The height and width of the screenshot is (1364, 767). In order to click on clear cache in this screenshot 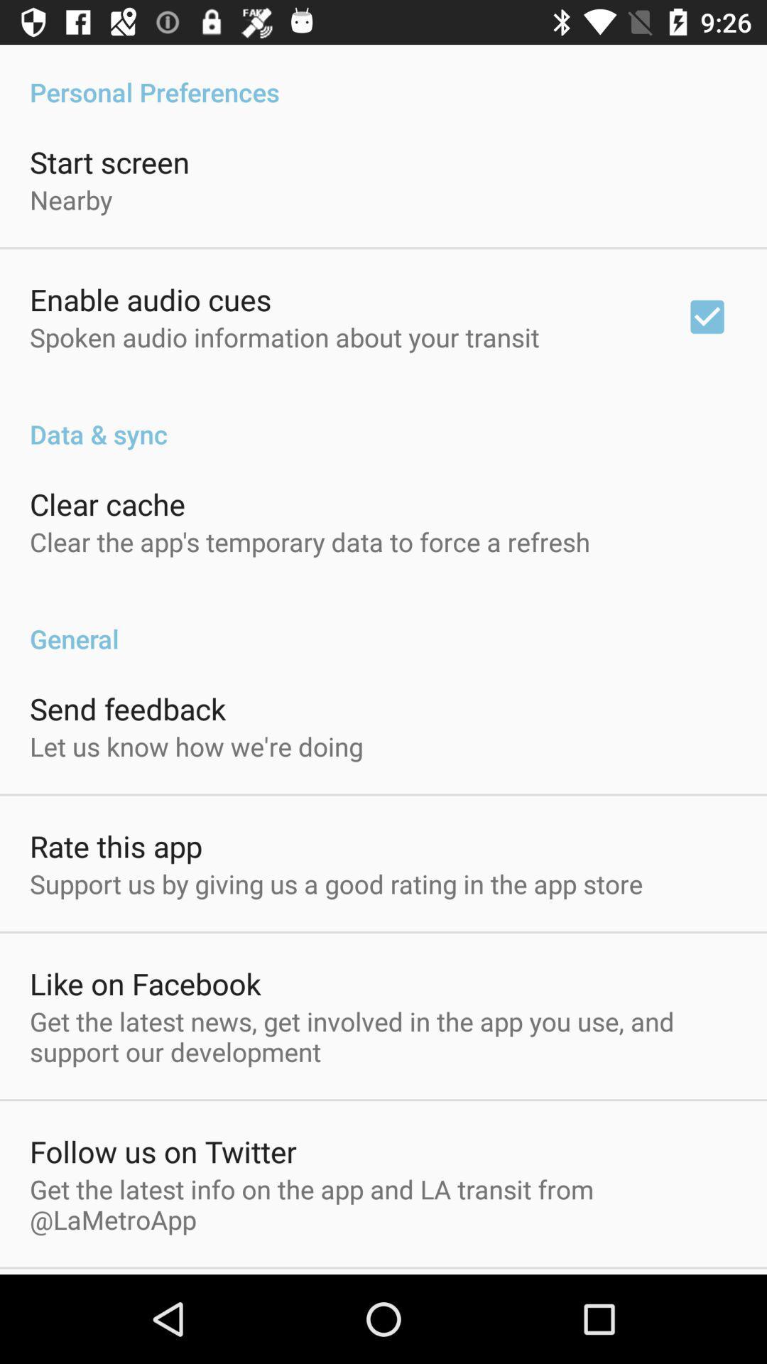, I will do `click(107, 504)`.